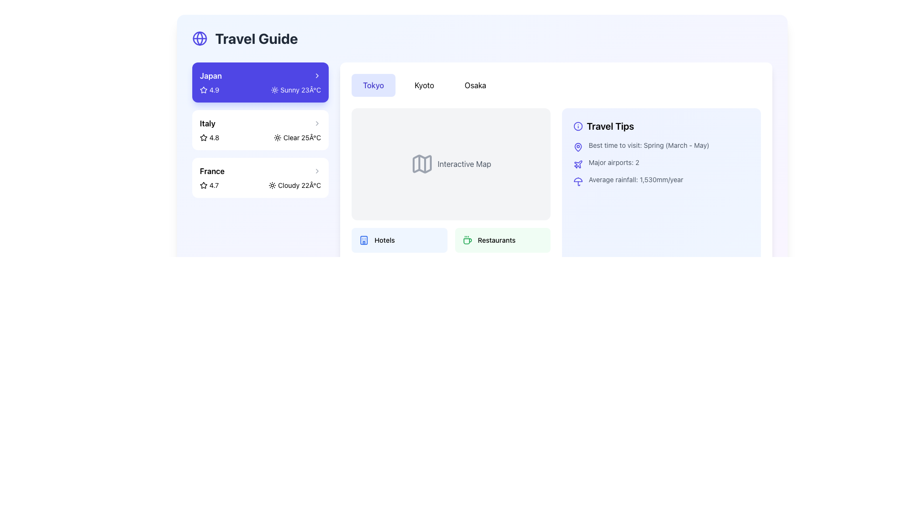  Describe the element at coordinates (475, 84) in the screenshot. I see `the navigation button labeled 'Osaka' located in the upper-center area of the interface to trigger the hover effect` at that location.